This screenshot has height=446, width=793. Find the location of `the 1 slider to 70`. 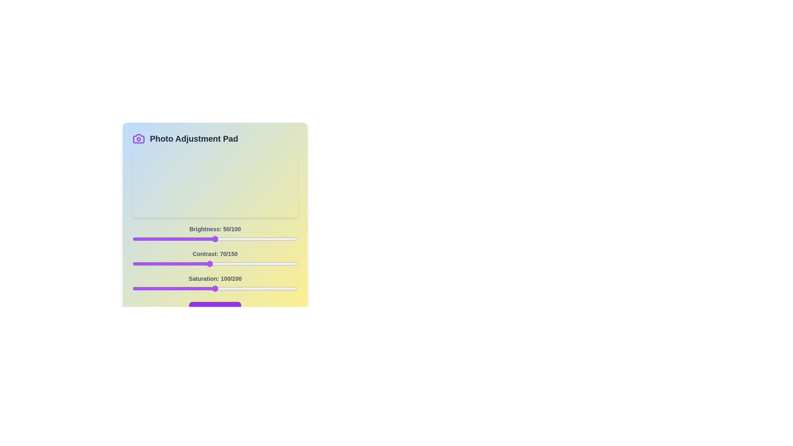

the 1 slider to 70 is located at coordinates (209, 264).